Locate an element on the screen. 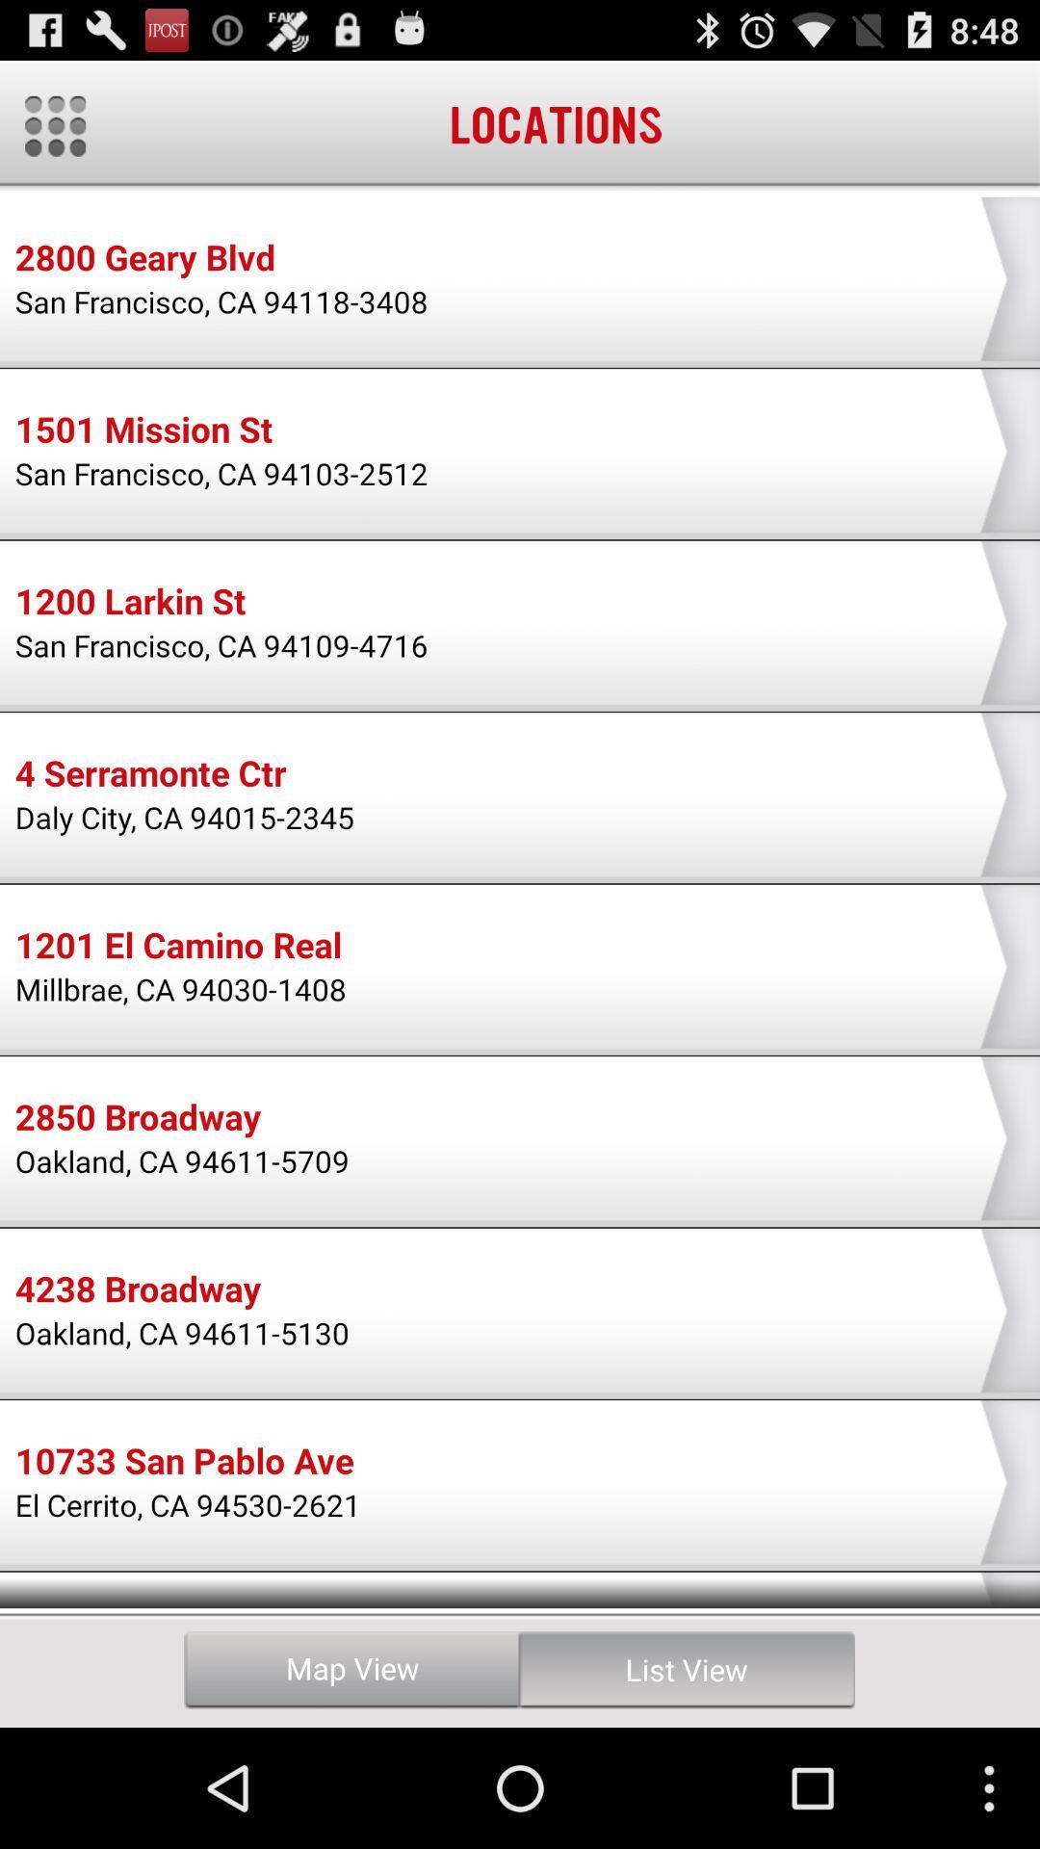  the item above san francisco ca icon is located at coordinates (130, 603).